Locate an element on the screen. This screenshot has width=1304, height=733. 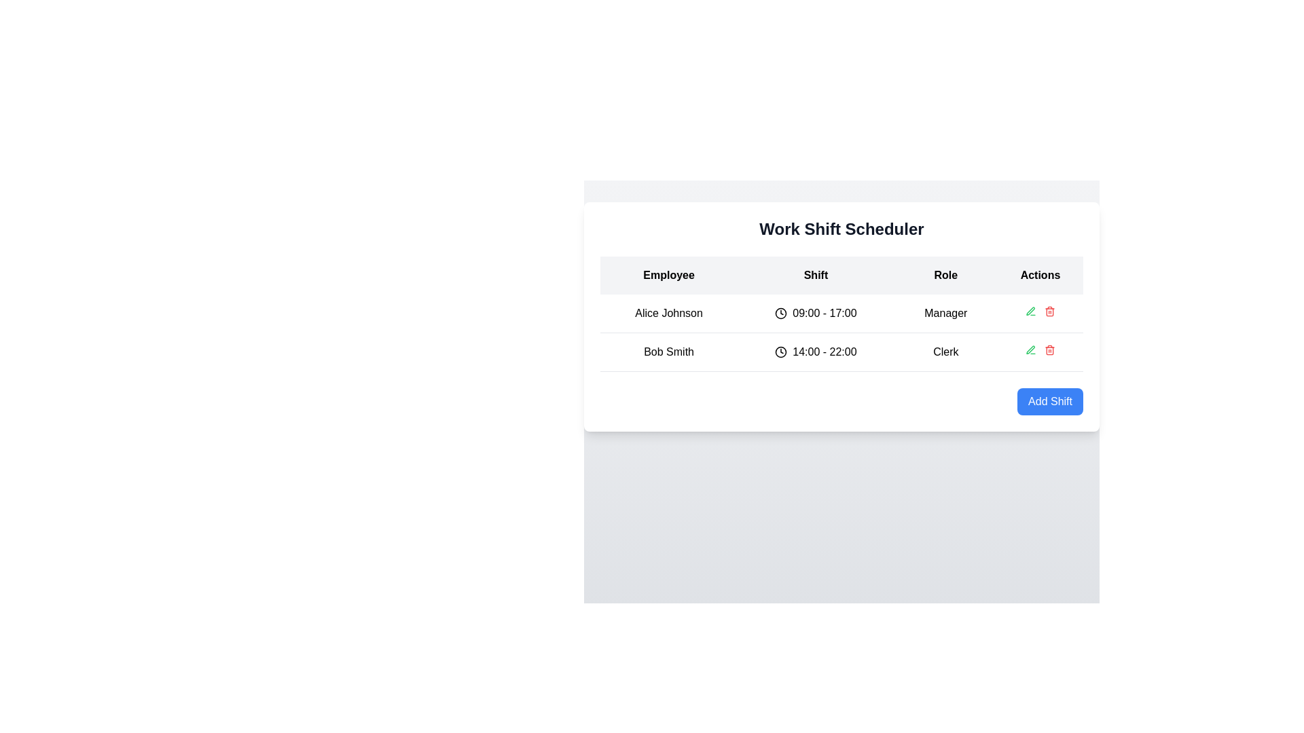
the Text Label that serves as a column header for shift schedules, located between 'Employee' and 'Role' in the table header is located at coordinates (815, 275).